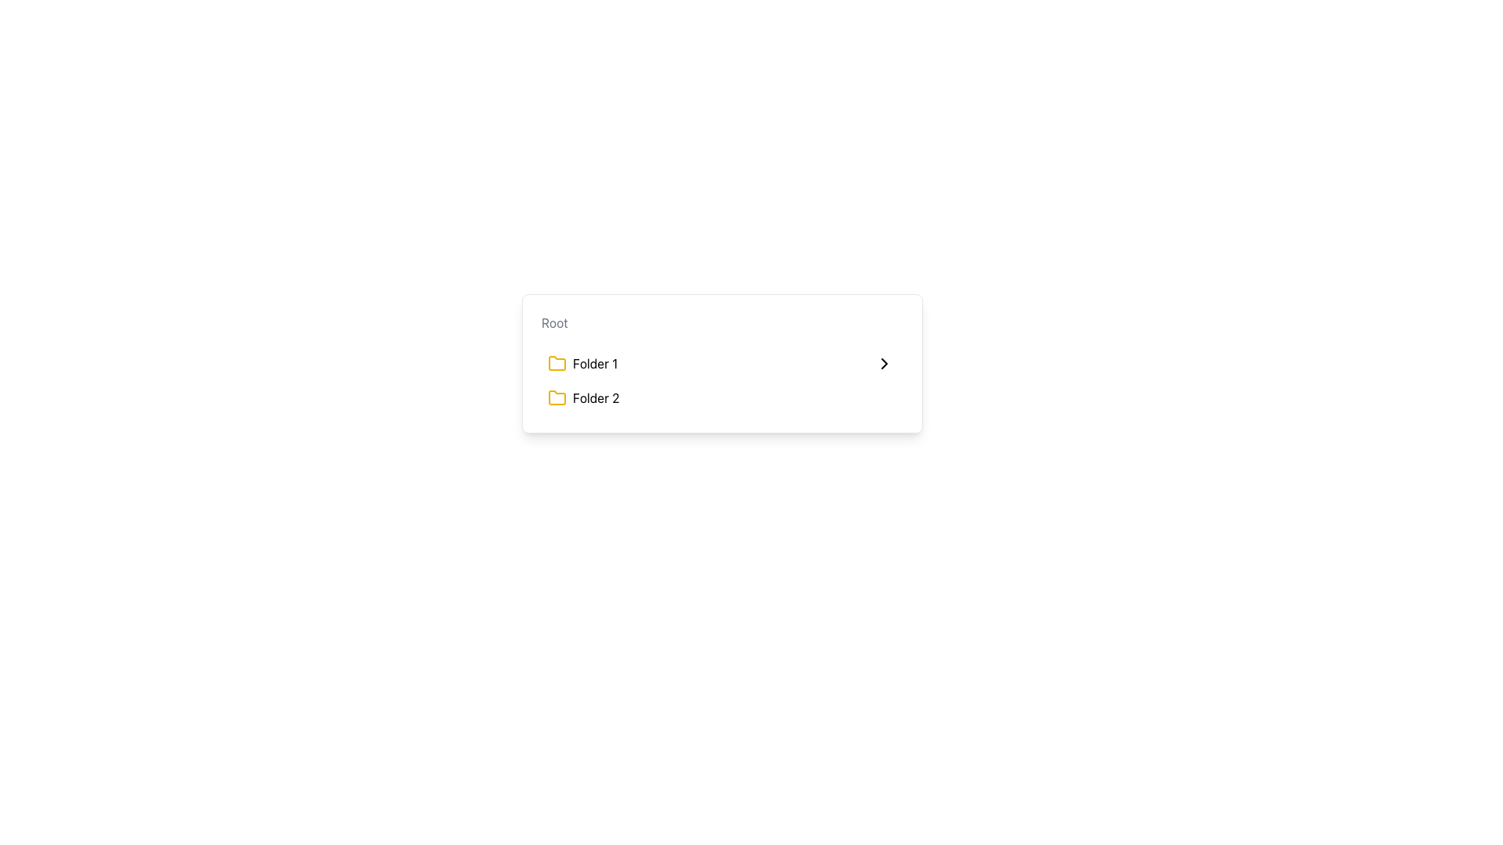 The width and height of the screenshot is (1503, 845). Describe the element at coordinates (557, 364) in the screenshot. I see `the yellow folder icon labeled 'Folder 1', which is the leftmost icon in the first row of the menu` at that location.